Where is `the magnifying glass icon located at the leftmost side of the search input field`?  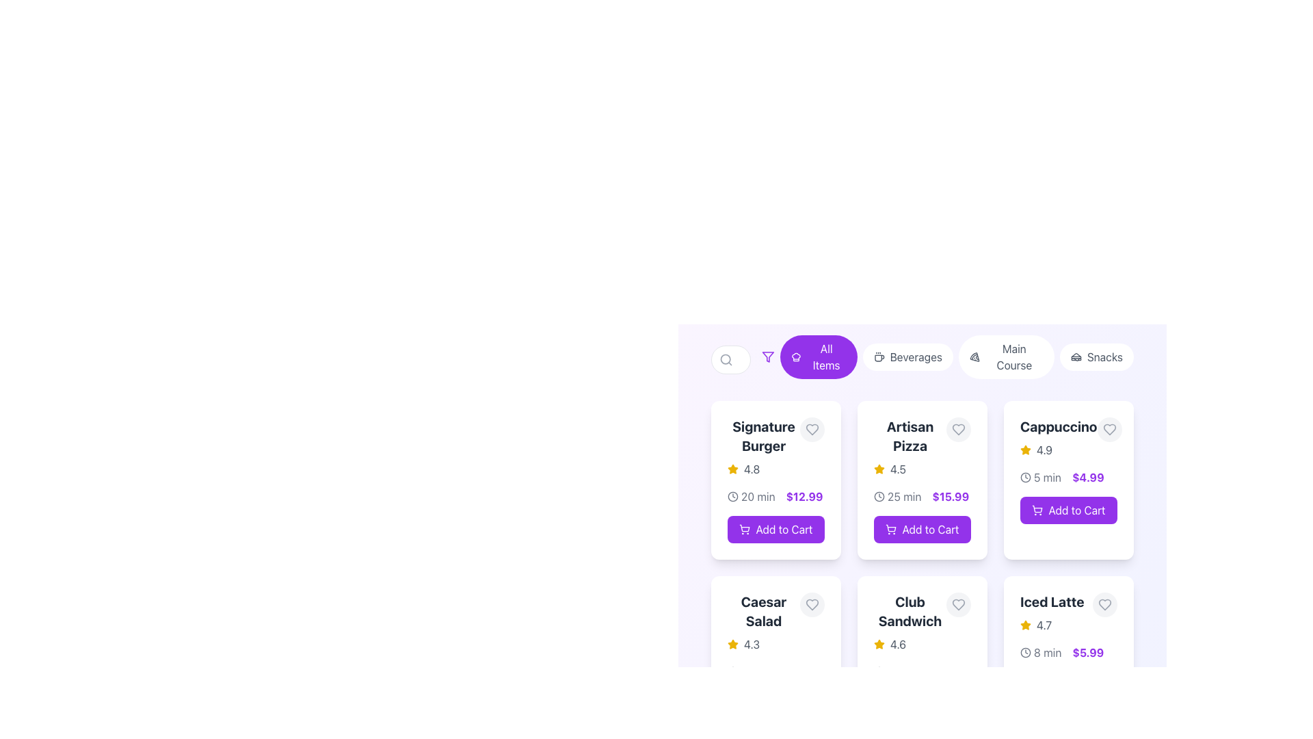
the magnifying glass icon located at the leftmost side of the search input field is located at coordinates (725, 359).